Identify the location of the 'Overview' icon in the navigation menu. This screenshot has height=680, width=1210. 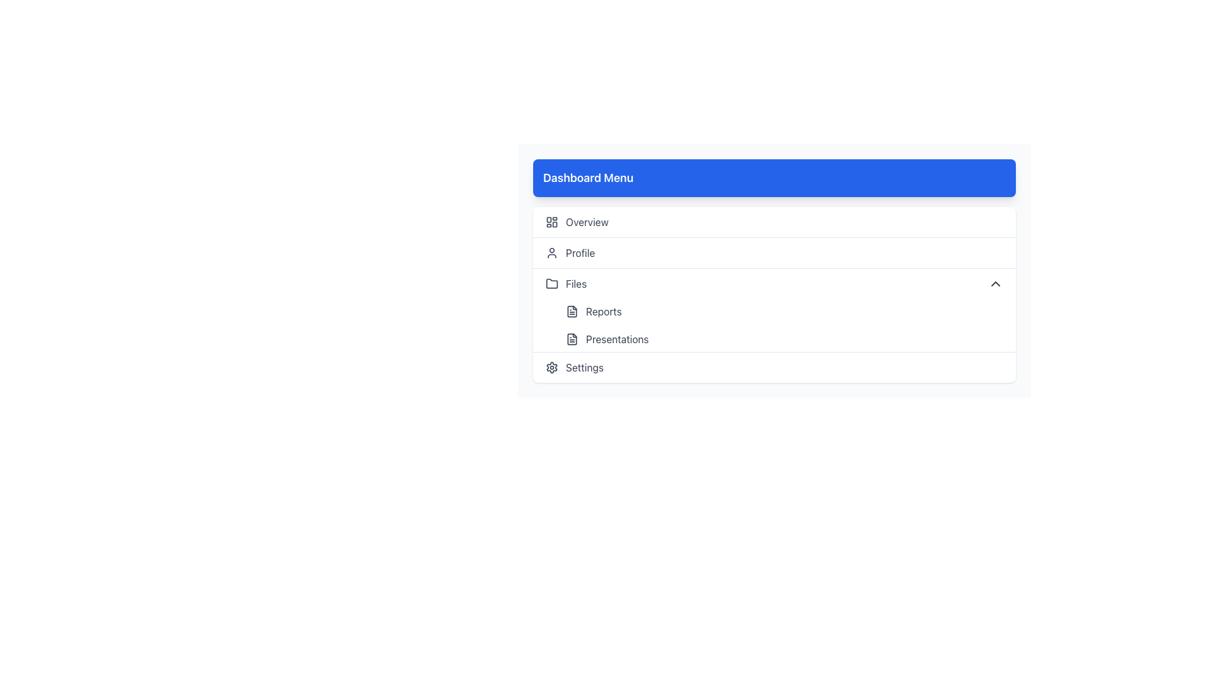
(551, 222).